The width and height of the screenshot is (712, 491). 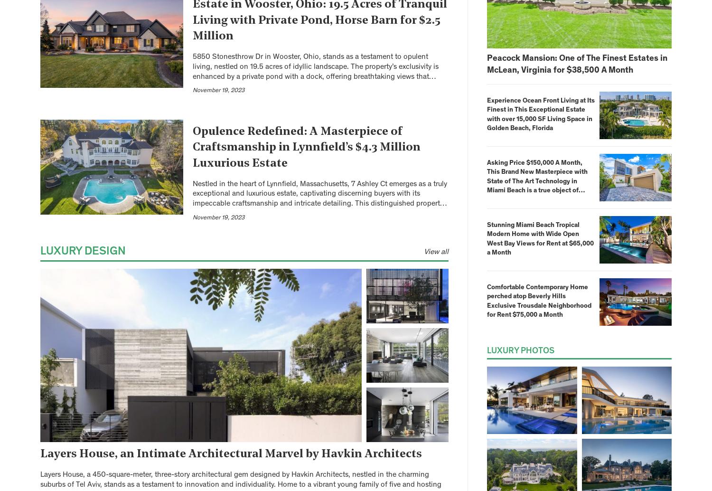 I want to click on 'Experience Ocean Front Living at Its Finest in This Exceptional Estate with over 15,000 SF Living Space in Golden Beach, Florida', so click(x=541, y=114).